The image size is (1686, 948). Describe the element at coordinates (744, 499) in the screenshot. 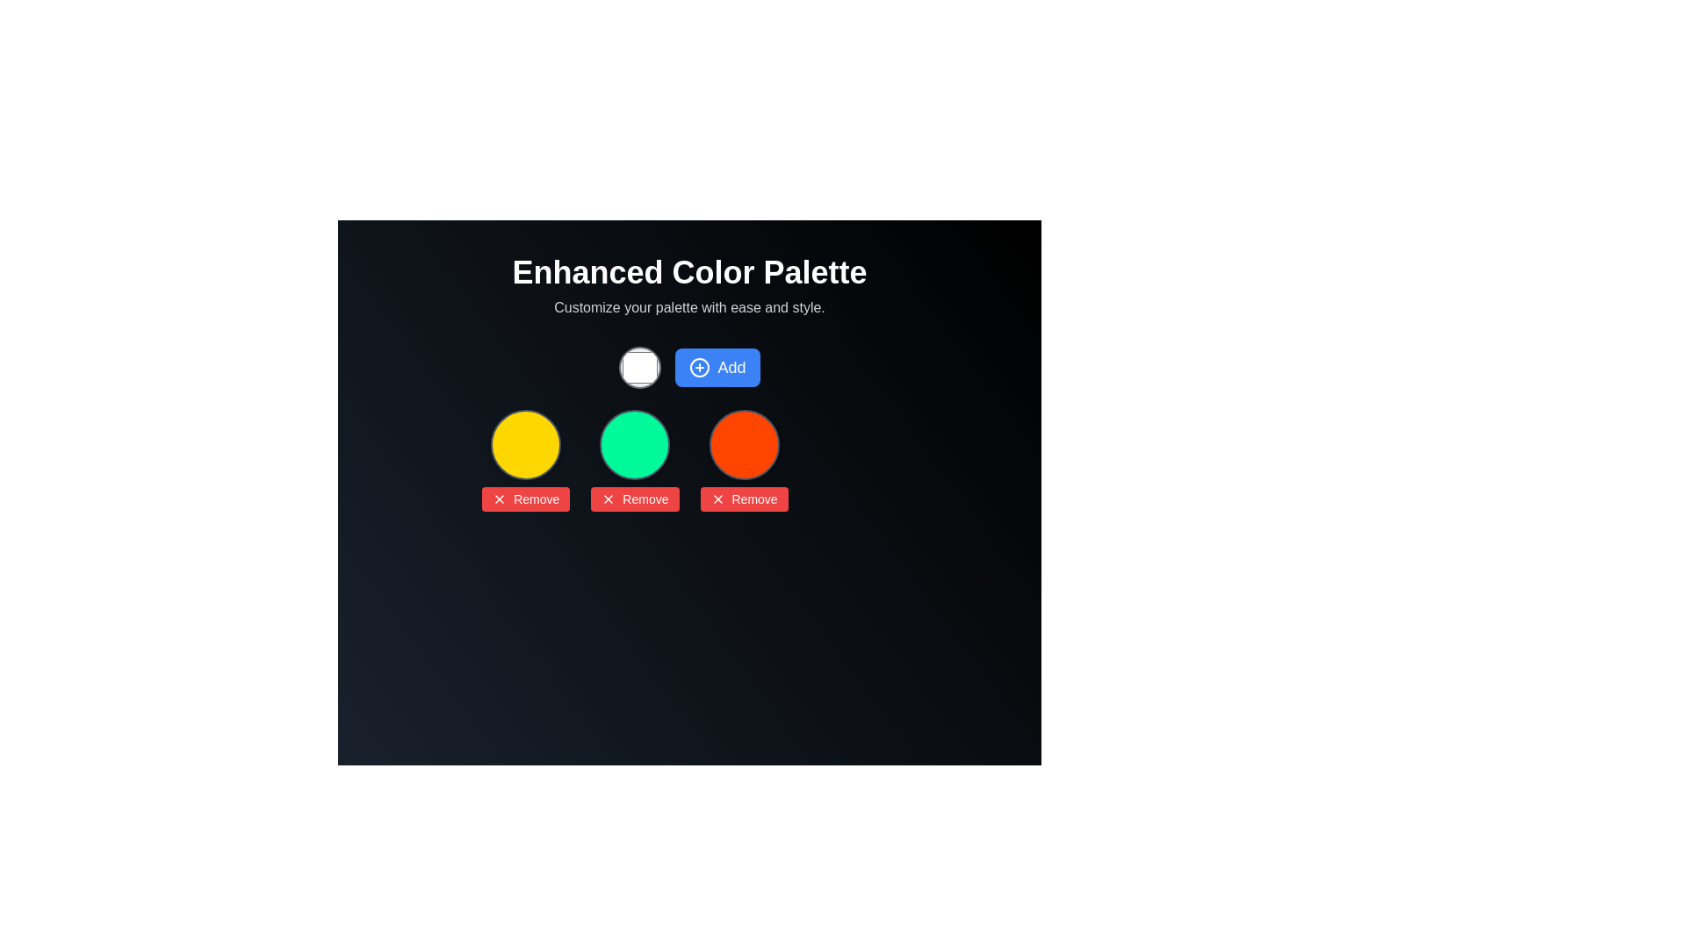

I see `the 'Remove' button, which is a rectangular button with white text on a red background and a small white 'X' icon, positioned as the third button in a row of three identical buttons` at that location.